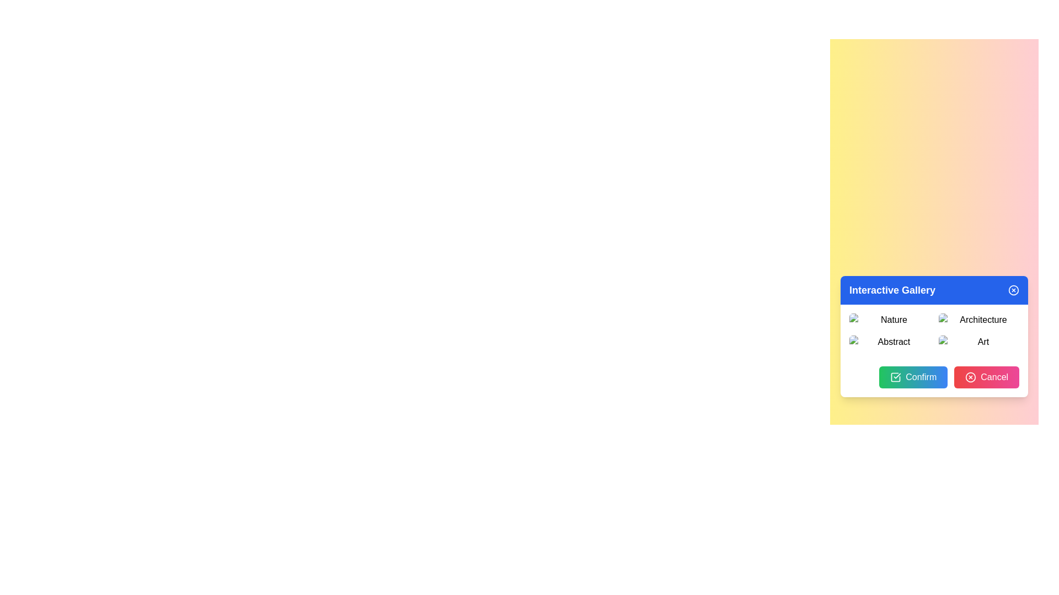  Describe the element at coordinates (1014, 290) in the screenshot. I see `the Decorative SVG circle element that serves as part of the close button in the top-right corner of the modal header` at that location.